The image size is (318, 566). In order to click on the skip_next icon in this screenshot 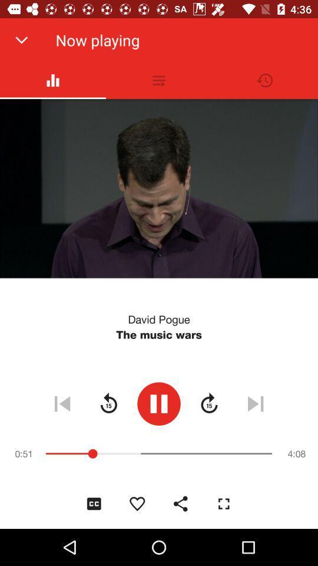, I will do `click(255, 403)`.